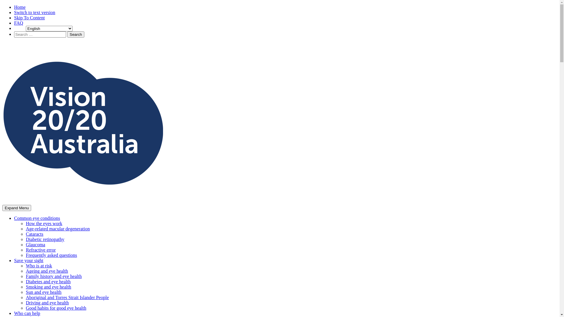 The height and width of the screenshot is (317, 564). I want to click on 'Cataracts', so click(34, 234).